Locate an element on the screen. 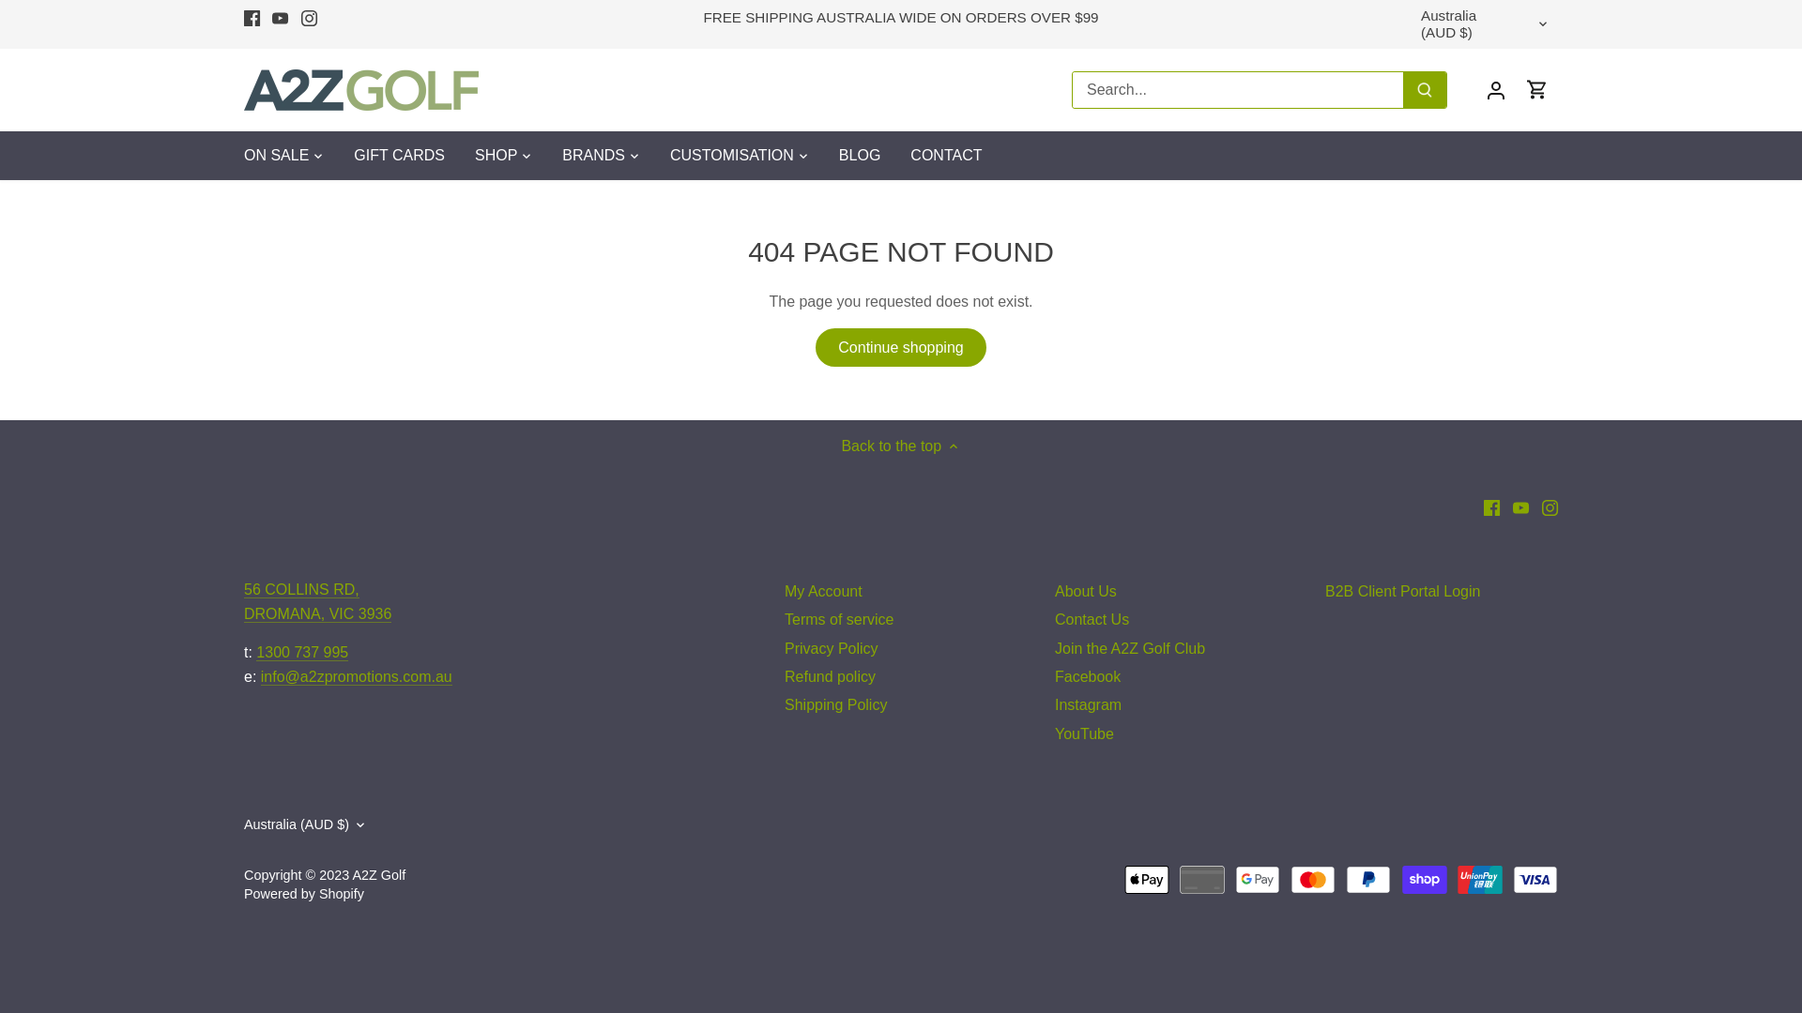  'Terms of service' is located at coordinates (784, 619).